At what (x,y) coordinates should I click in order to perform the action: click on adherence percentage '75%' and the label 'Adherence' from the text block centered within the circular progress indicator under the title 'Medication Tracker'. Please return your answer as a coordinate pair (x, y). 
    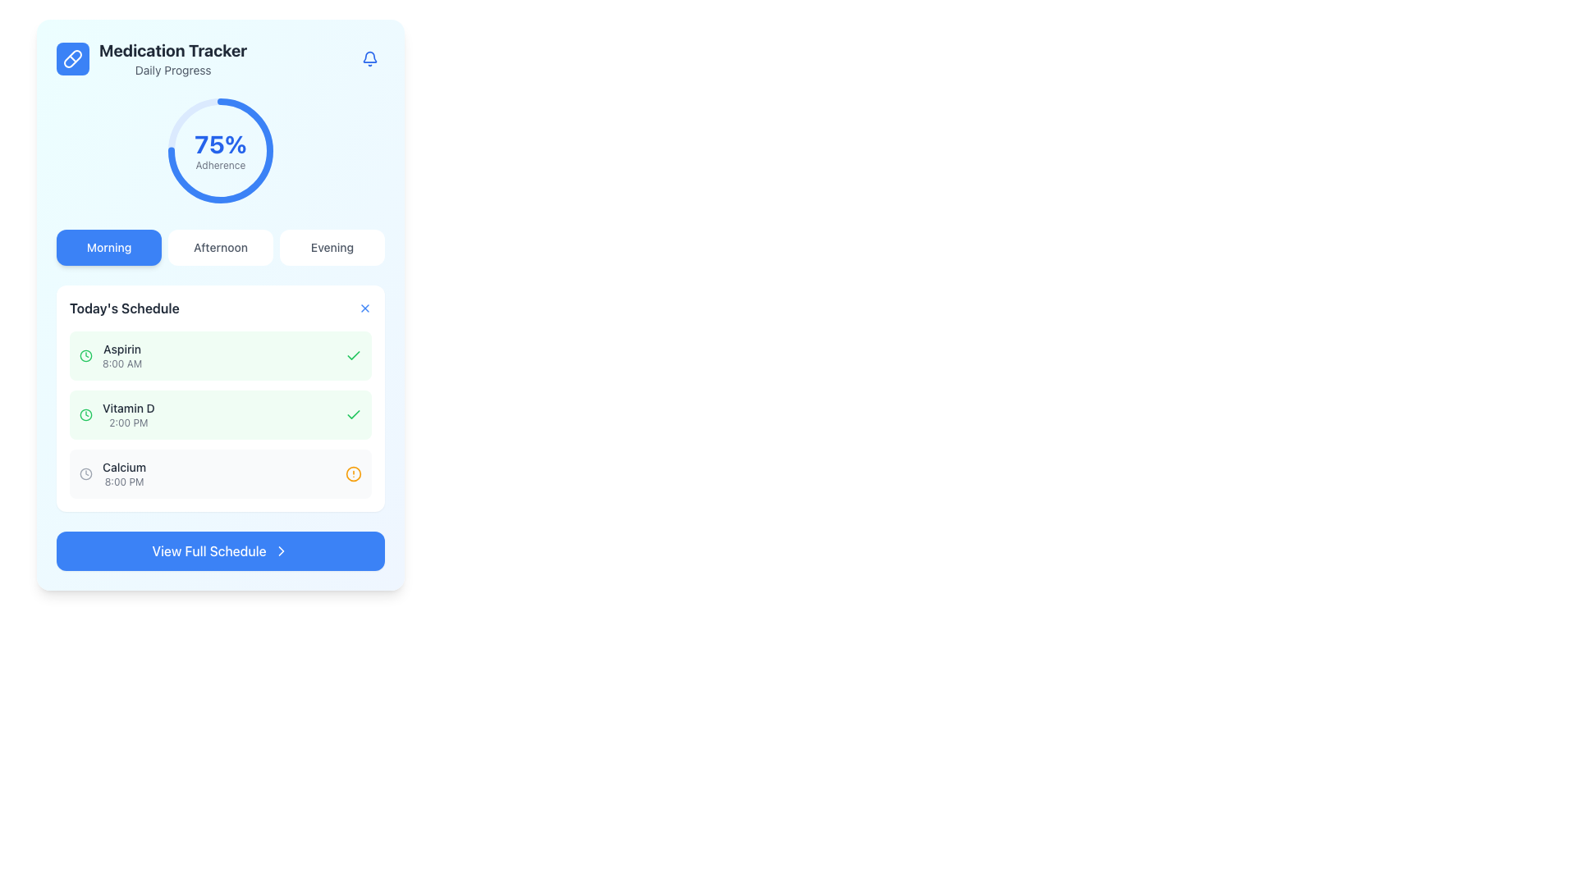
    Looking at the image, I should click on (219, 151).